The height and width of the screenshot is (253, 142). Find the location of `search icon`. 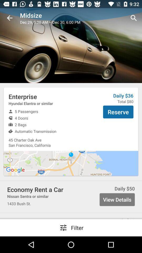

search icon is located at coordinates (134, 18).